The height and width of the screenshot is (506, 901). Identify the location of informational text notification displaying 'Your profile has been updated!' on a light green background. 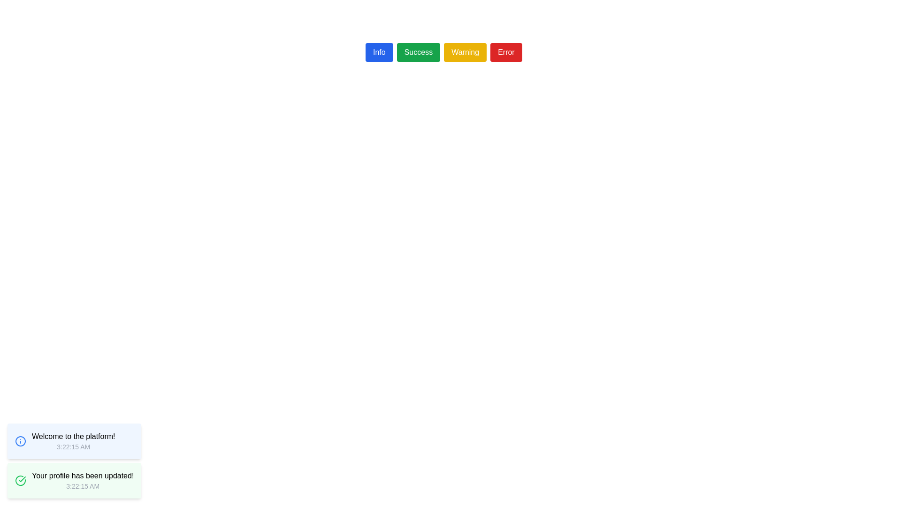
(83, 481).